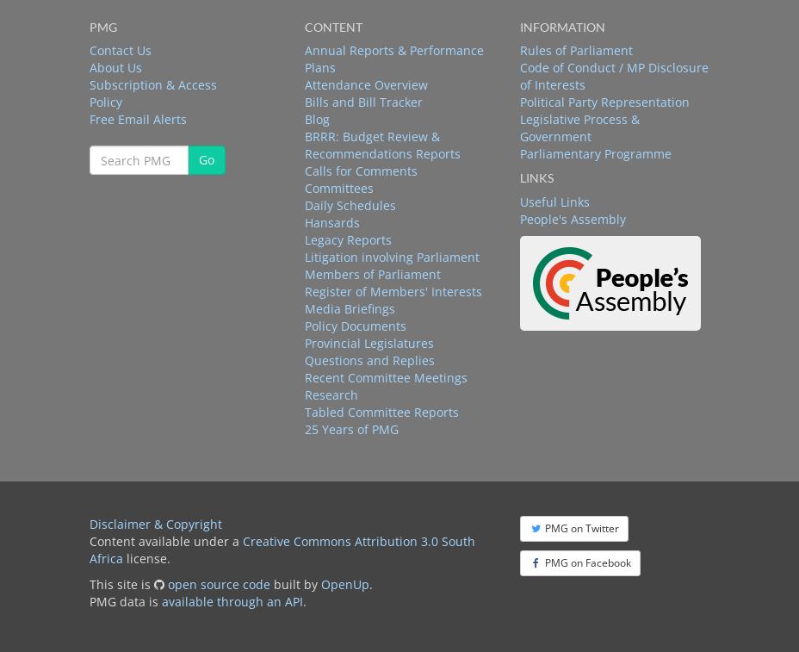 This screenshot has height=652, width=799. I want to click on '25 Years of PMG', so click(350, 428).